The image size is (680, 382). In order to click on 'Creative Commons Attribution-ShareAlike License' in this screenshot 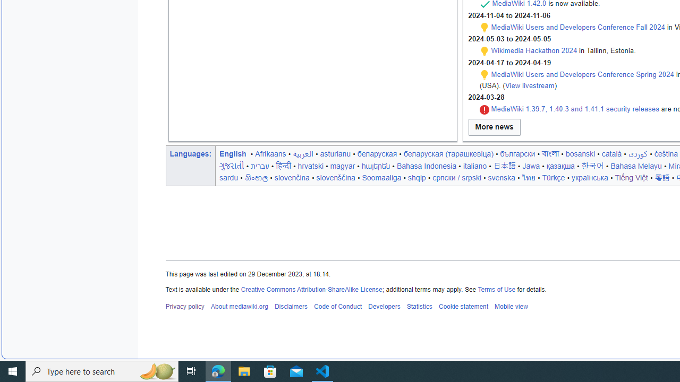, I will do `click(311, 289)`.